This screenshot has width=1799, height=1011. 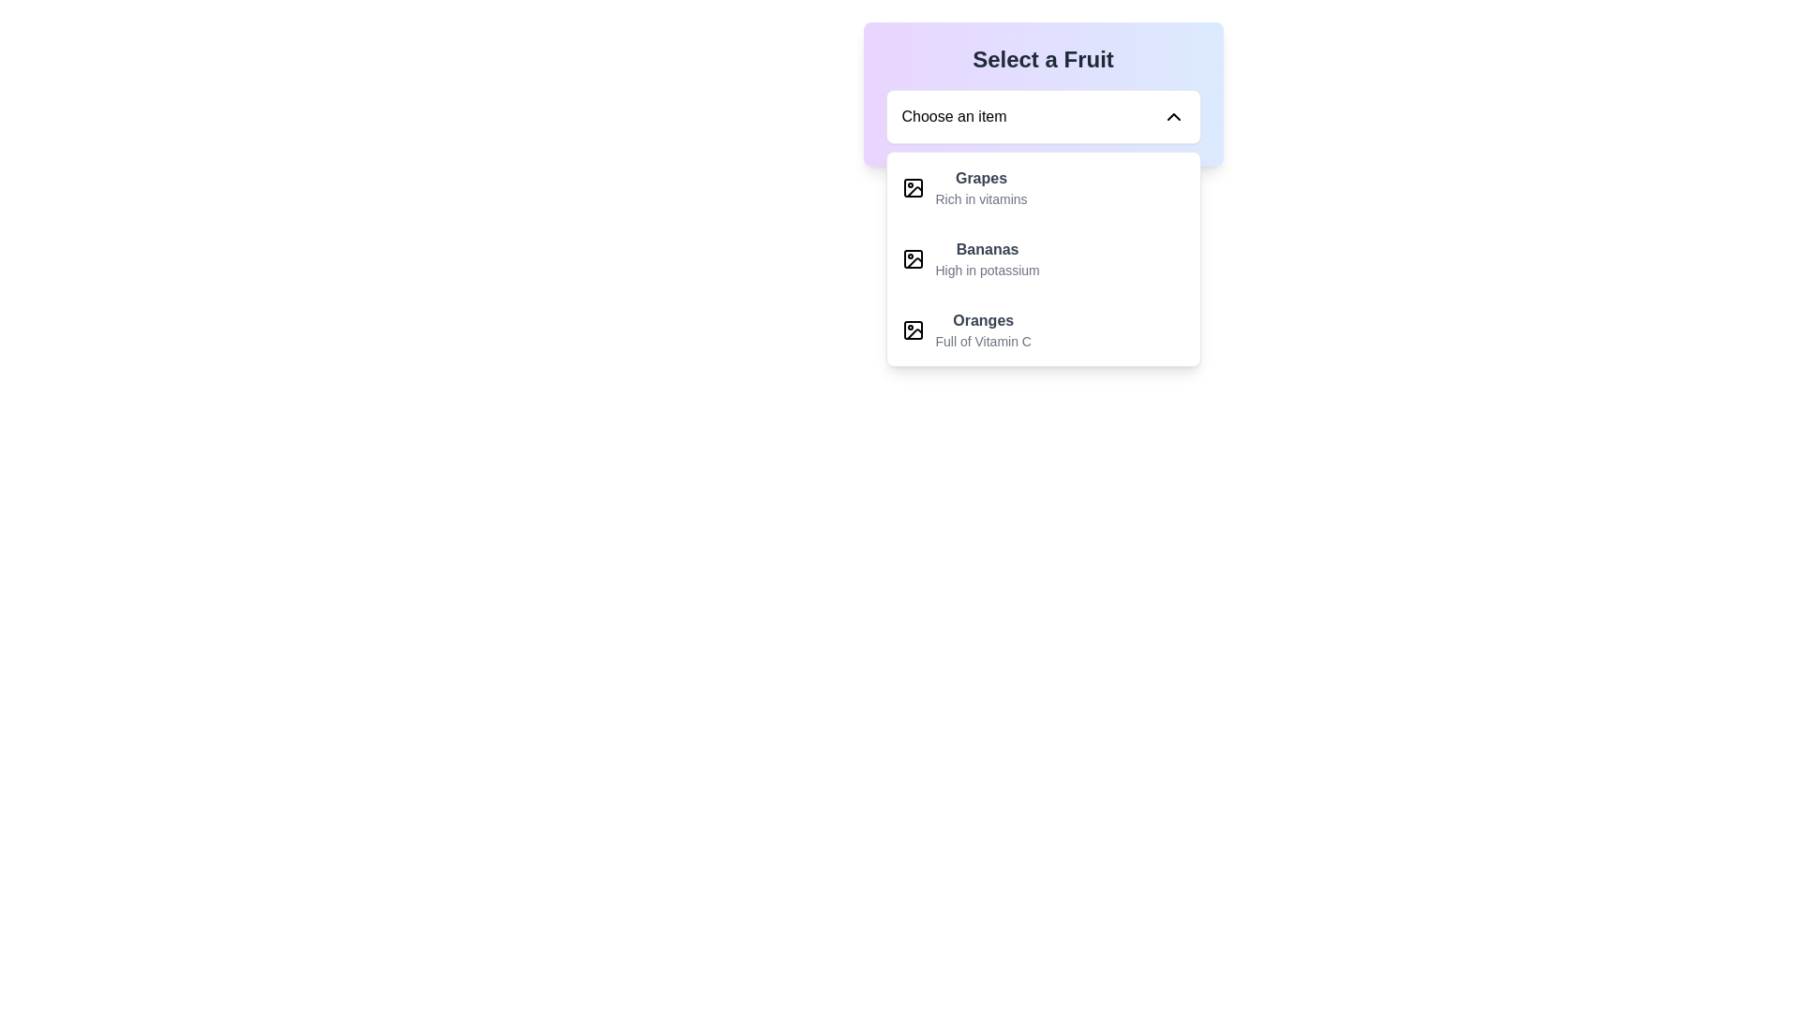 I want to click on the leftmost icon representing 'Bananas' in the list item labeled 'Bananas' and 'High in potassium', so click(x=918, y=259).